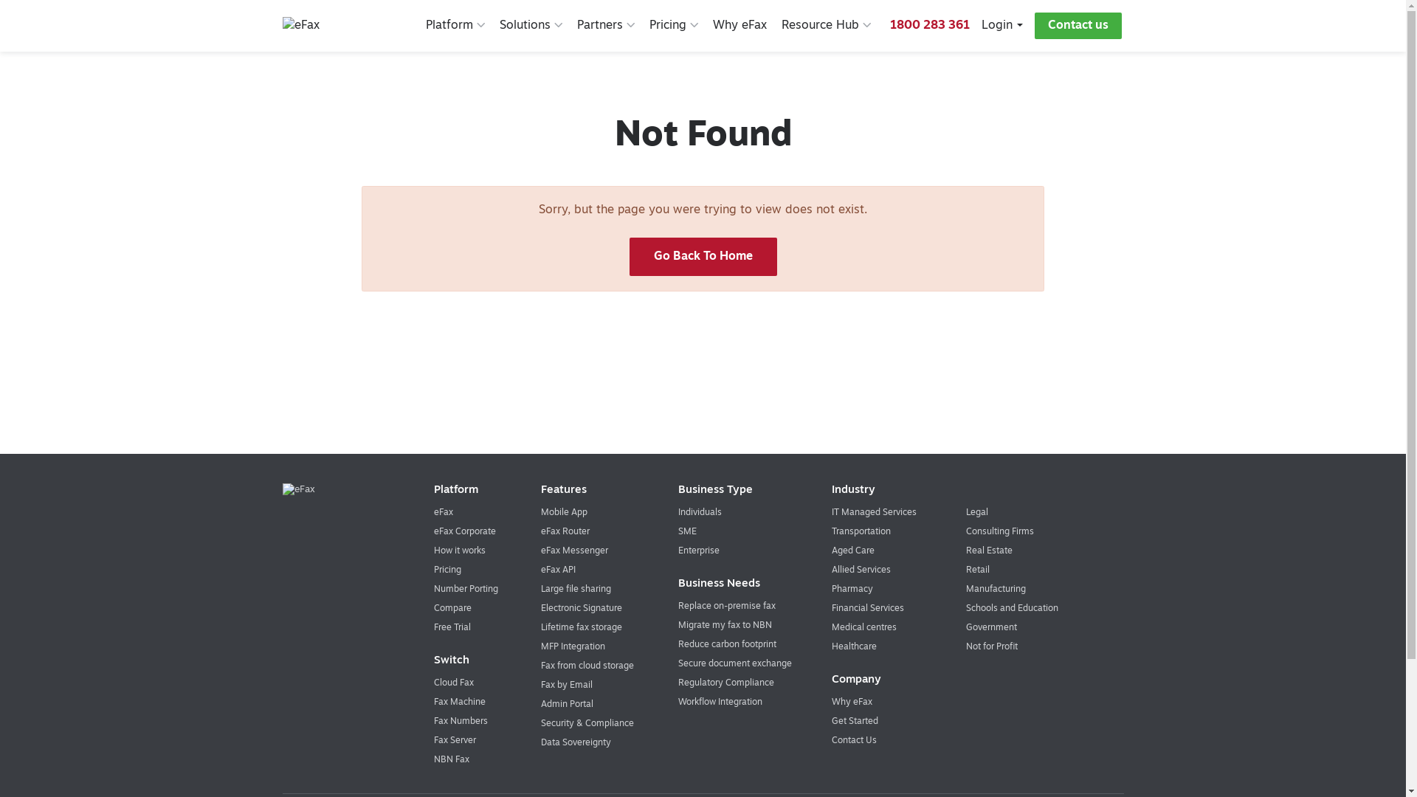 Image resolution: width=1417 pixels, height=797 pixels. I want to click on 'Login', so click(1002, 25).